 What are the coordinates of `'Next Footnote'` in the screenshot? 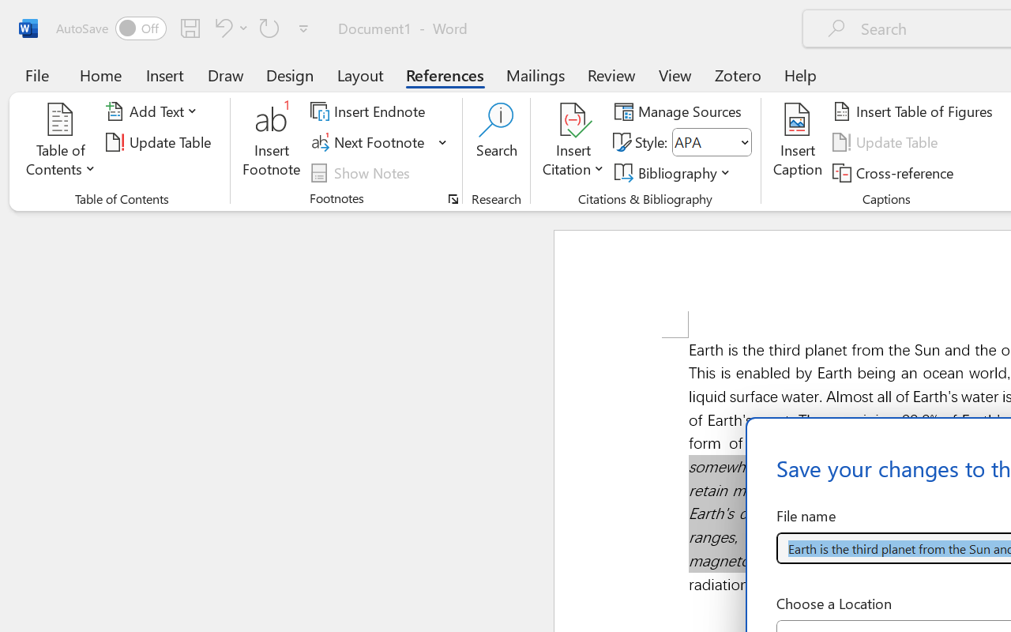 It's located at (379, 141).